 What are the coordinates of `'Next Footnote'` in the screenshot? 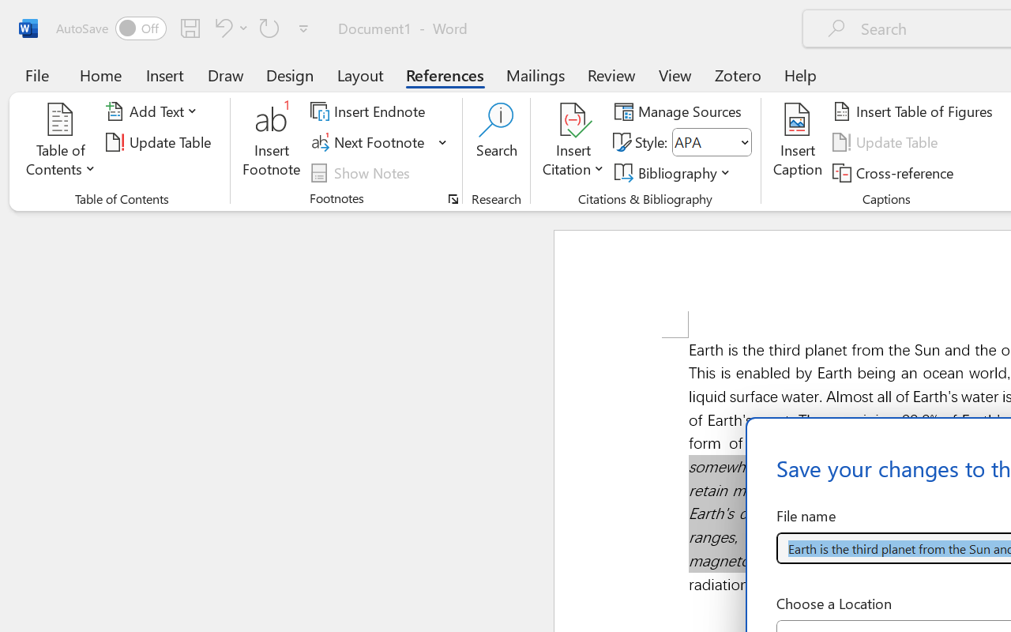 It's located at (379, 141).